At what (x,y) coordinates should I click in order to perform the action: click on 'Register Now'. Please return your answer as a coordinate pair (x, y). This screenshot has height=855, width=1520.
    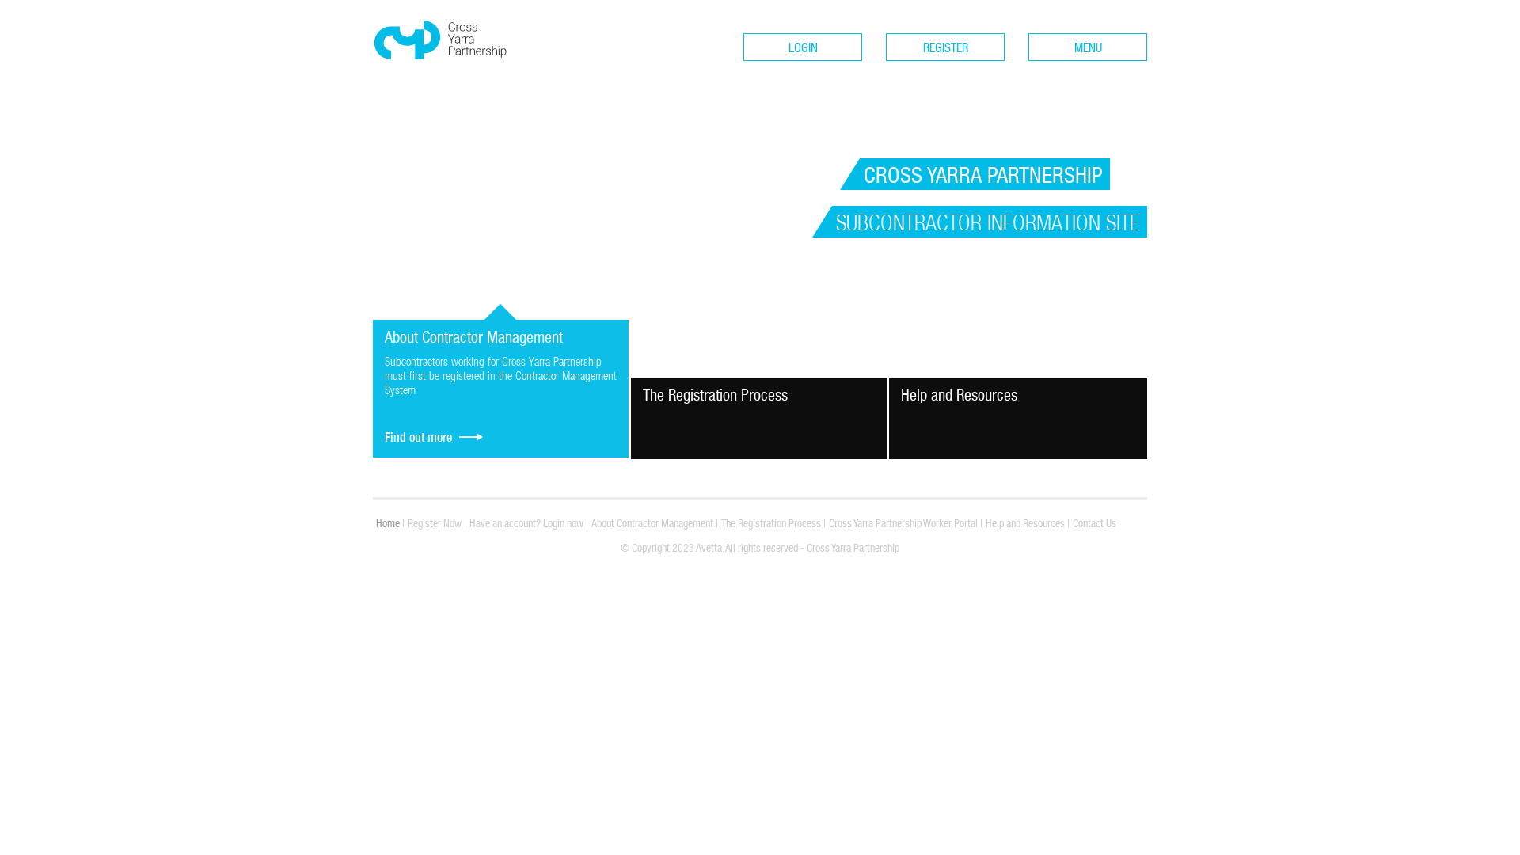
    Looking at the image, I should click on (434, 522).